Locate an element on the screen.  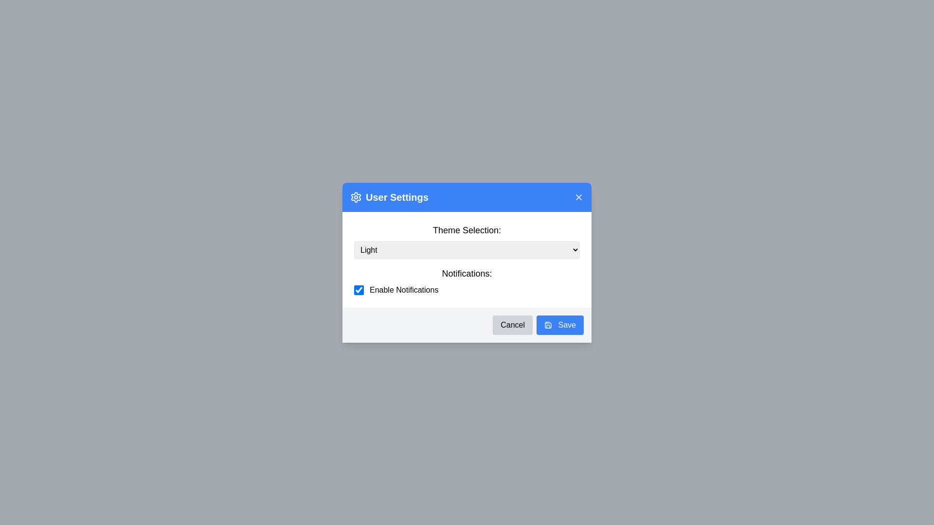
the 'Save' button with a blue background and white text, located at the bottom-right corner of the dialog box is located at coordinates (560, 325).